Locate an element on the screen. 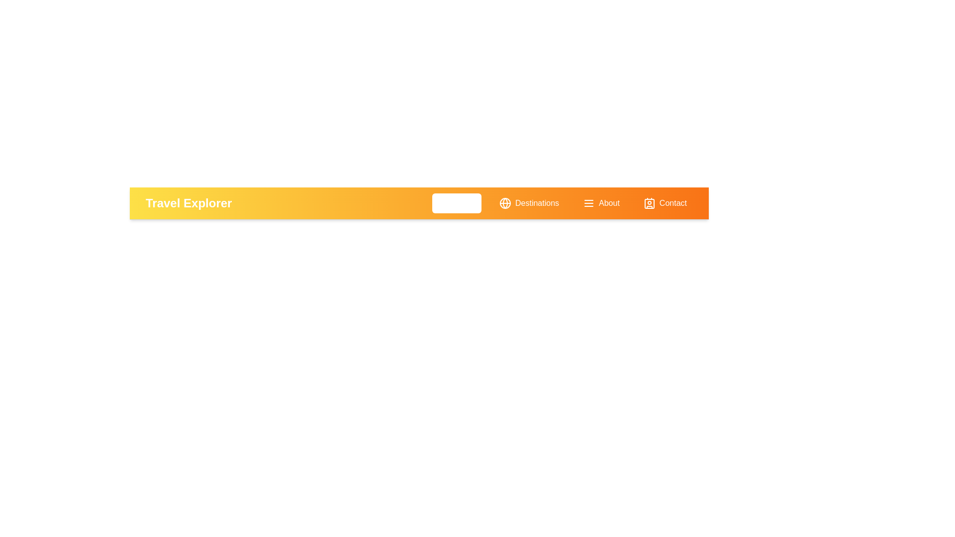  the first navigation button in the top navigation bar to redirect to the home page is located at coordinates (456, 202).